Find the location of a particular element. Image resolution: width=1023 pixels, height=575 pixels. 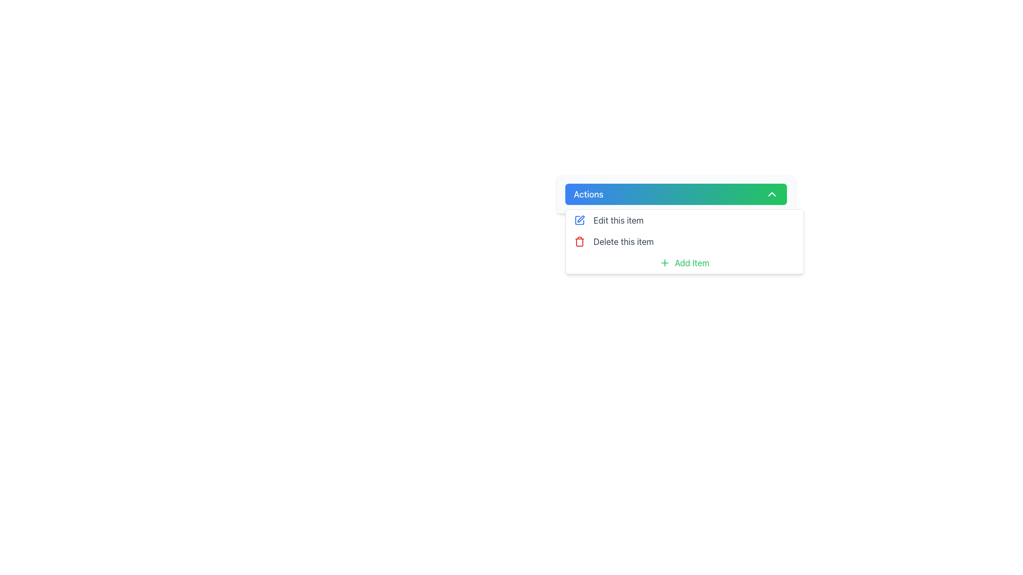

the plus sign icon located next to the 'Add Item' label in the dropdown menu is located at coordinates (664, 262).